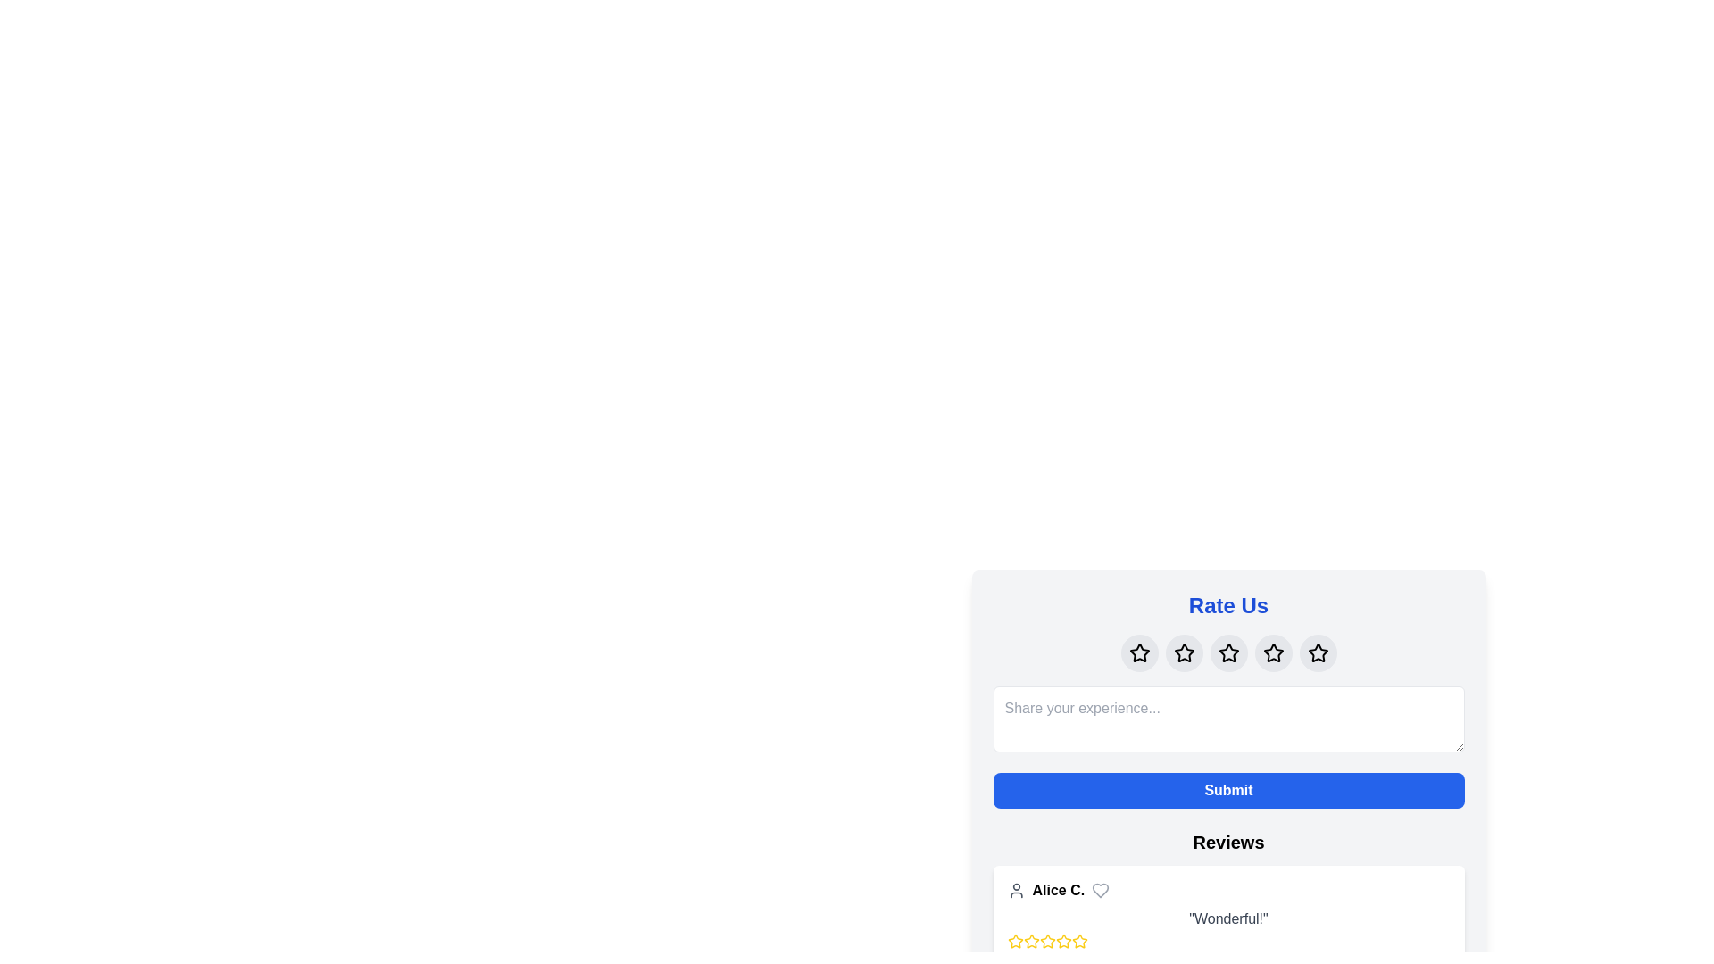 Image resolution: width=1714 pixels, height=964 pixels. I want to click on the first star icon from the left in the row of five stars to indicate a rating in the 'Rate Us' section, so click(1138, 652).